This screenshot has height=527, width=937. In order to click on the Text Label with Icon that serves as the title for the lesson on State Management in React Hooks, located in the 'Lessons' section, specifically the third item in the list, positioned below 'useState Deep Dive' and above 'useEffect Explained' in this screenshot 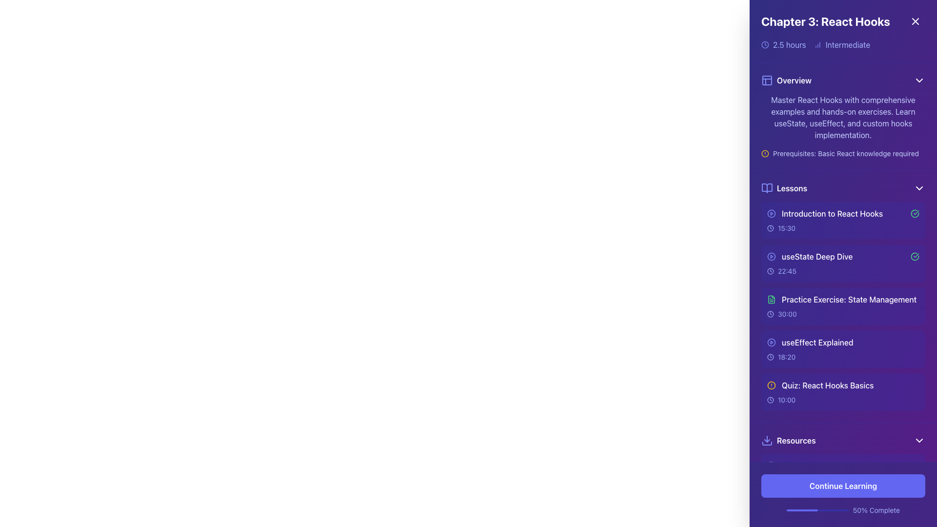, I will do `click(843, 299)`.